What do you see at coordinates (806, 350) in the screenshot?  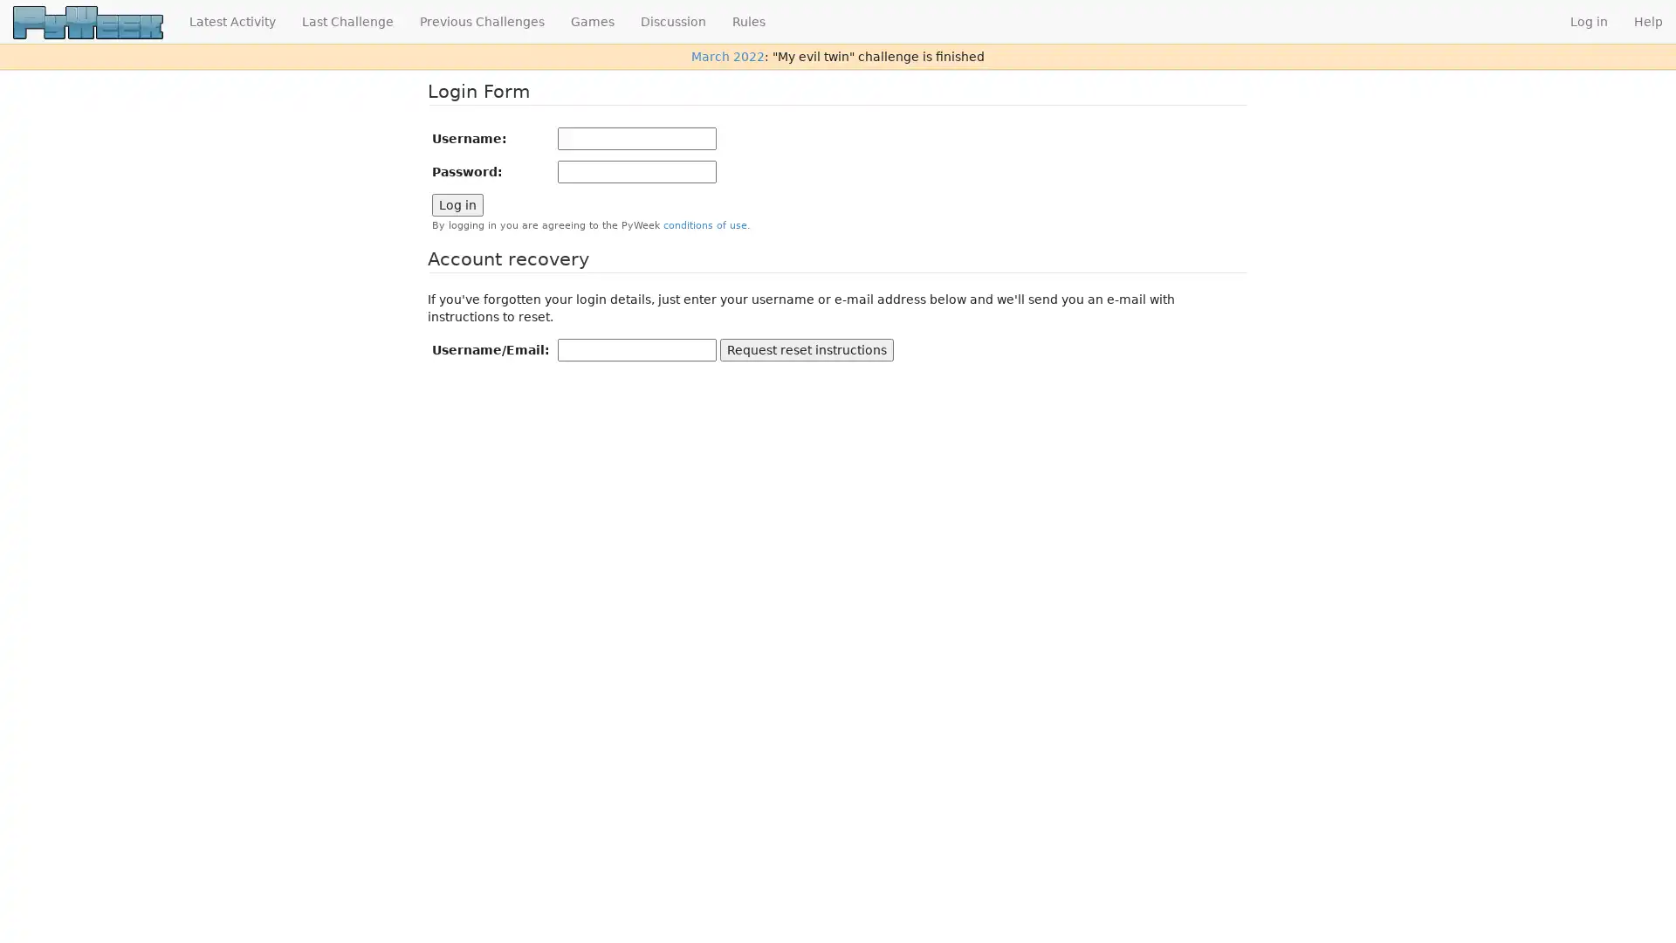 I see `Request reset instructions` at bounding box center [806, 350].